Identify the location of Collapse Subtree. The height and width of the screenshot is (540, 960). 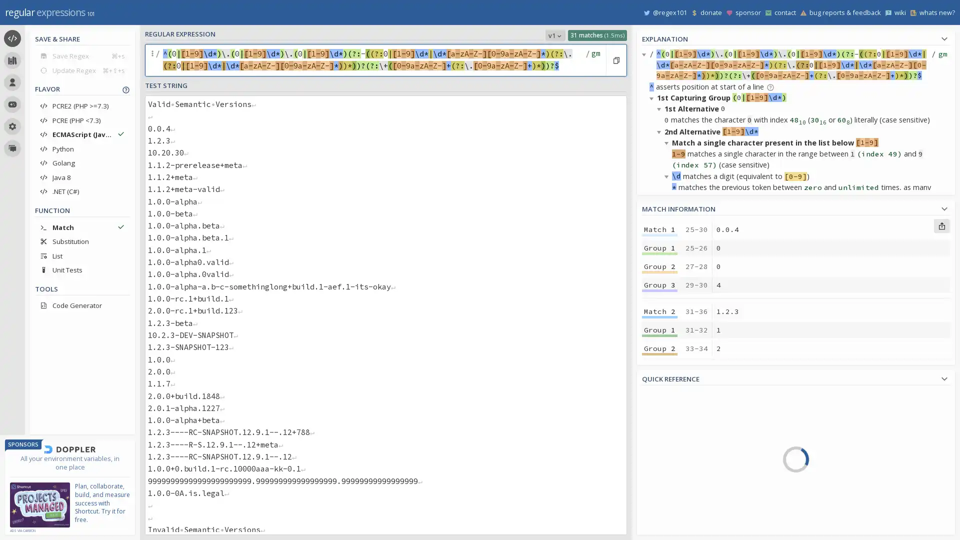
(660, 356).